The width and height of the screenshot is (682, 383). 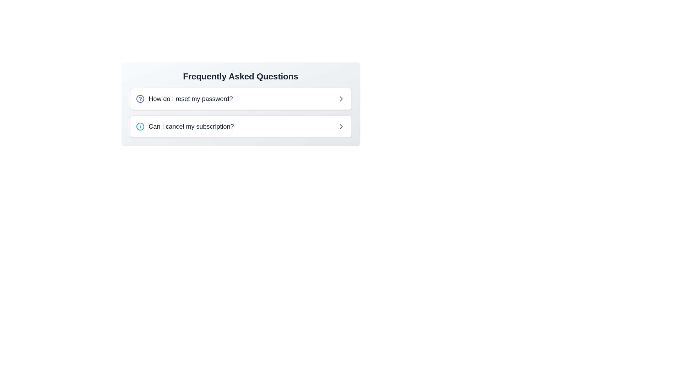 I want to click on the icon located at the extreme right of the 'How do I reset my password?' question in the FAQ section, so click(x=341, y=99).